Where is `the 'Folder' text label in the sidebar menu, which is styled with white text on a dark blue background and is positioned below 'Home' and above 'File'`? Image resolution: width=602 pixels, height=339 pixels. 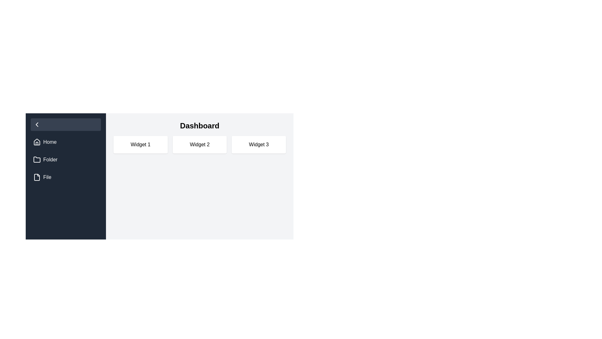 the 'Folder' text label in the sidebar menu, which is styled with white text on a dark blue background and is positioned below 'Home' and above 'File' is located at coordinates (50, 159).